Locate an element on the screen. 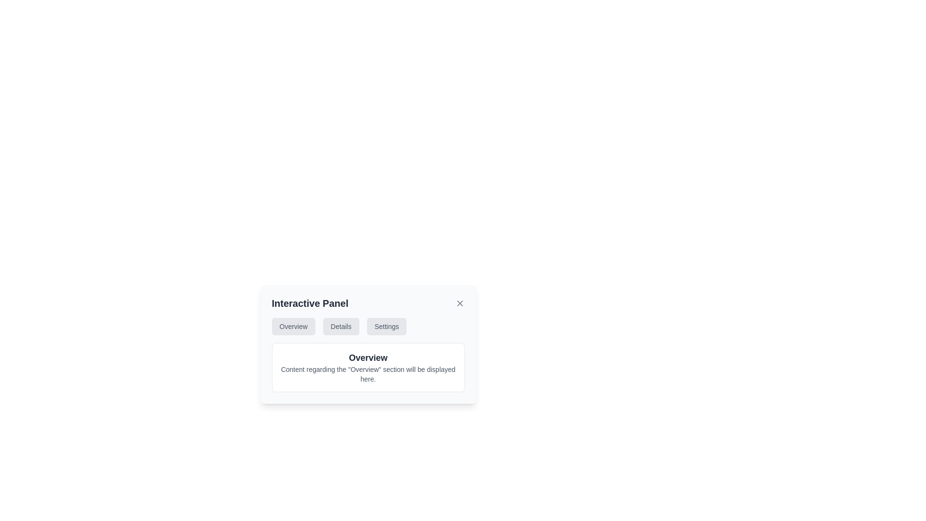 The image size is (926, 521). the 'Overview' tab, which is the first tab in the horizontal row of the 'Interactive Panel' is located at coordinates (293, 326).